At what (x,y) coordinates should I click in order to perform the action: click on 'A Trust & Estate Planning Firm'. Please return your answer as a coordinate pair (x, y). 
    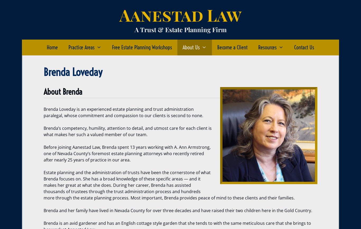
    Looking at the image, I should click on (180, 29).